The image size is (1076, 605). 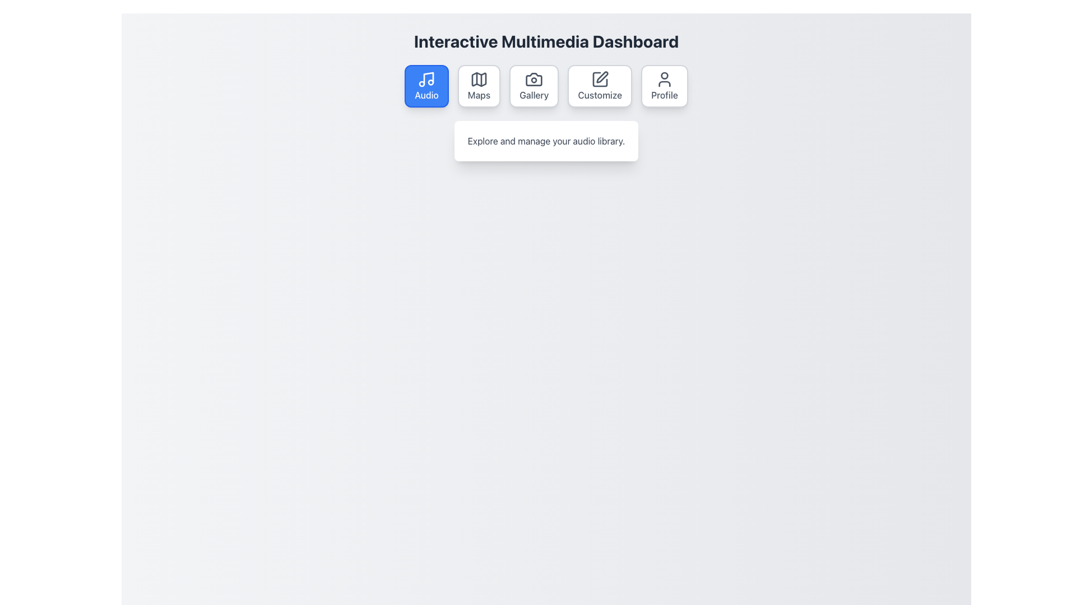 What do you see at coordinates (479, 79) in the screenshot?
I see `the Maps icon, which is the second button from the left in the horizontal arrangement of options, indicating access to map-related features` at bounding box center [479, 79].